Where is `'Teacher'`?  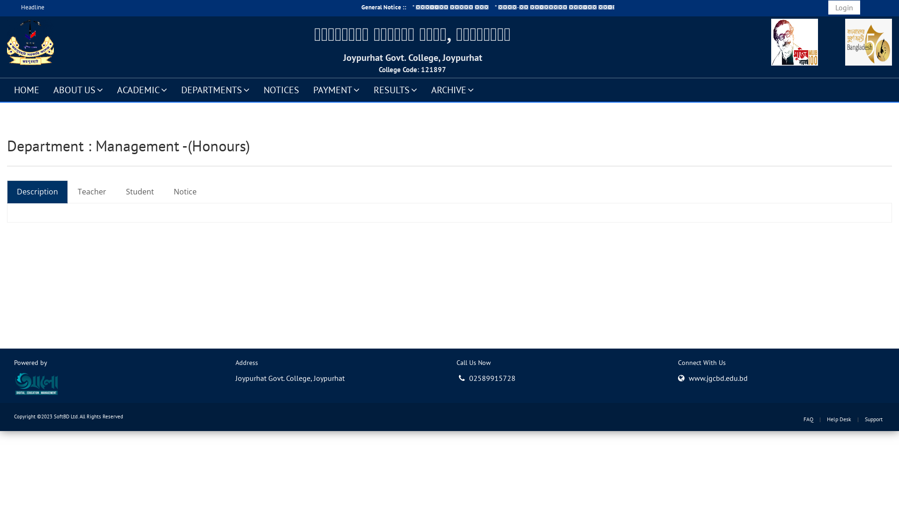 'Teacher' is located at coordinates (92, 191).